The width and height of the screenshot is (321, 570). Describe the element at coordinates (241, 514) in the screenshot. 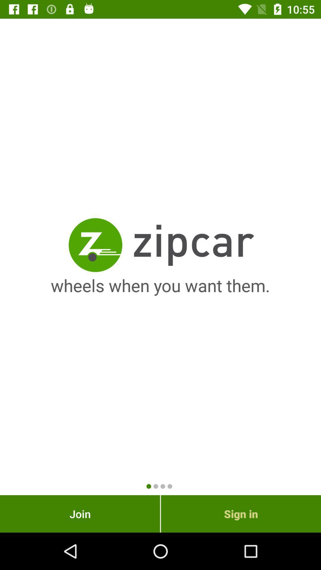

I see `the sign in` at that location.